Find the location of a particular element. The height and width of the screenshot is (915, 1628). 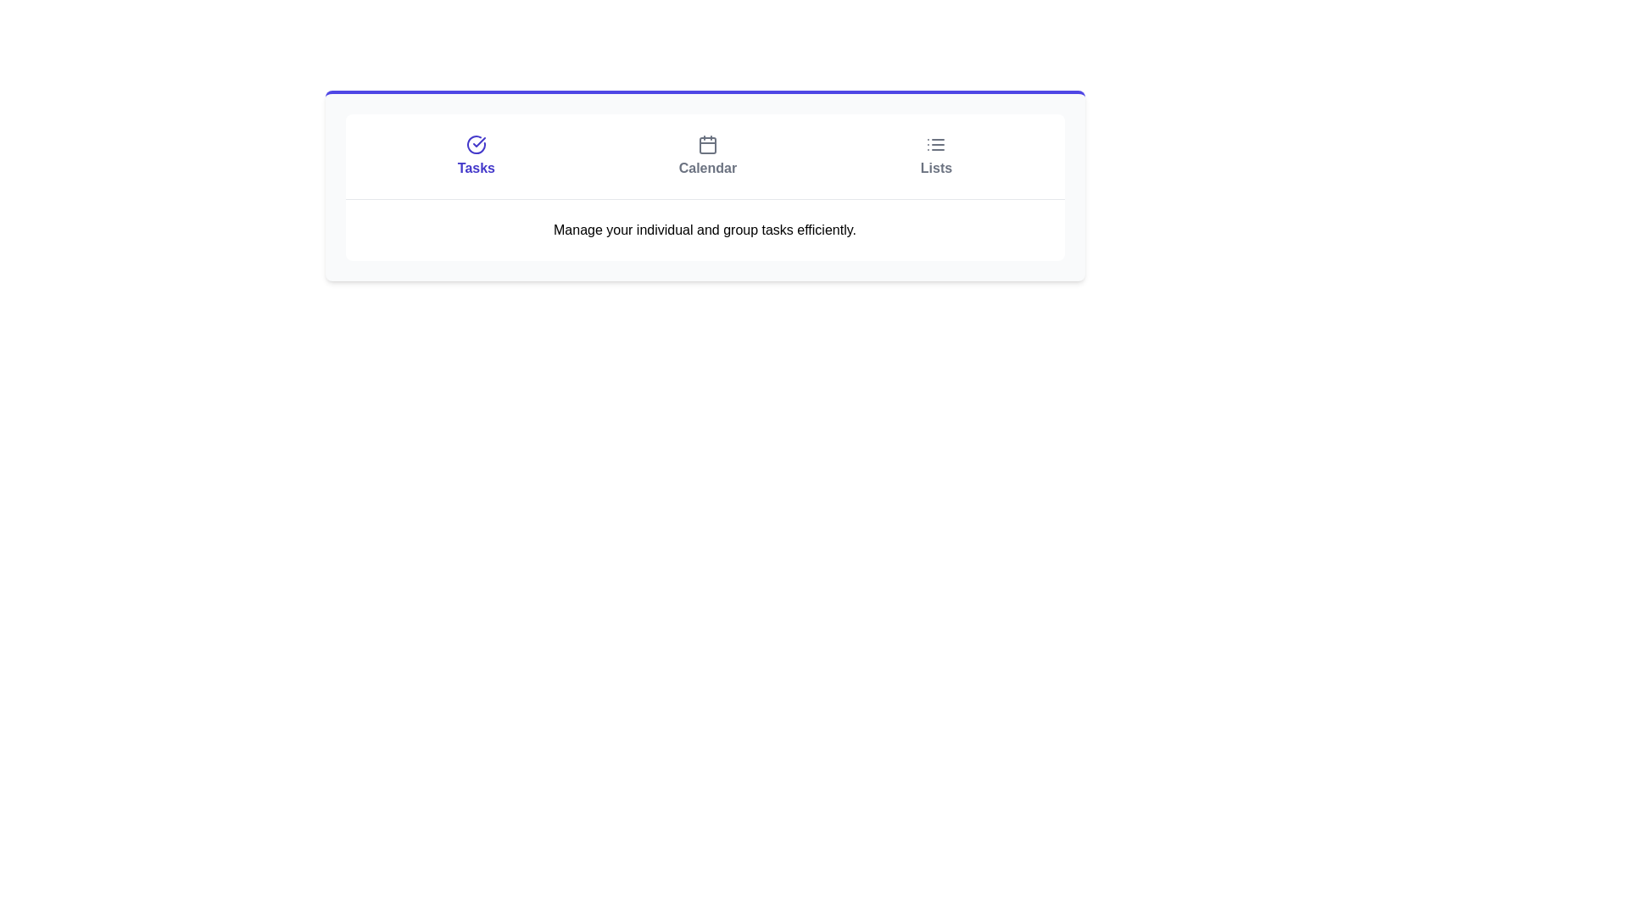

the 'Calendar' button, which features a minimalistic calendar icon and is centrally located between 'Tasks' and 'Lists' is located at coordinates (707, 157).